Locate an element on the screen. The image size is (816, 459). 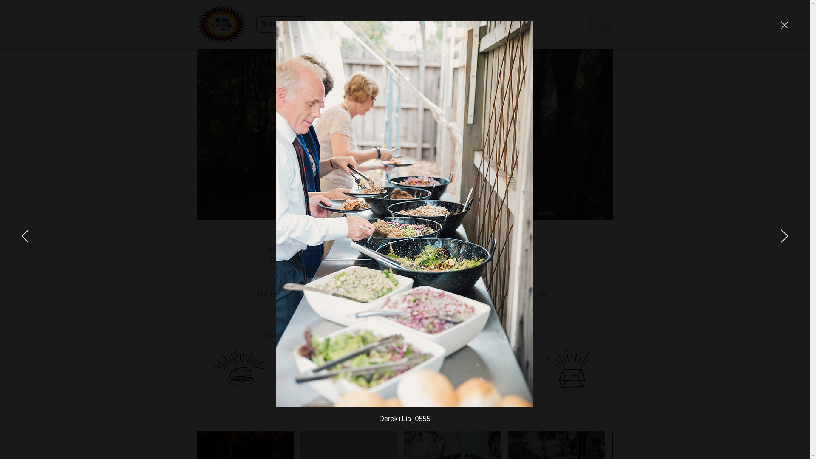
'Our Food Truck' is located at coordinates (449, 24).